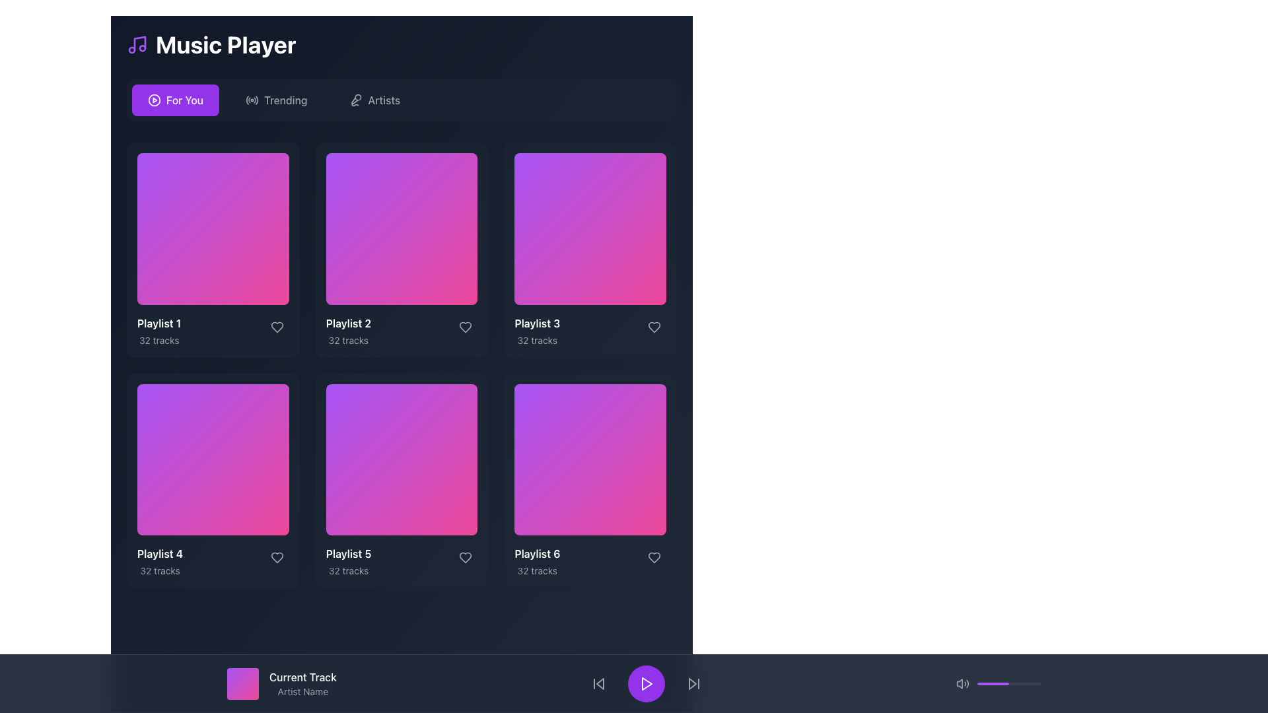  I want to click on the text component displaying 'Playlist 2' and '32 tracks', which is located in the second card of the top row in the grid layout, so click(349, 330).